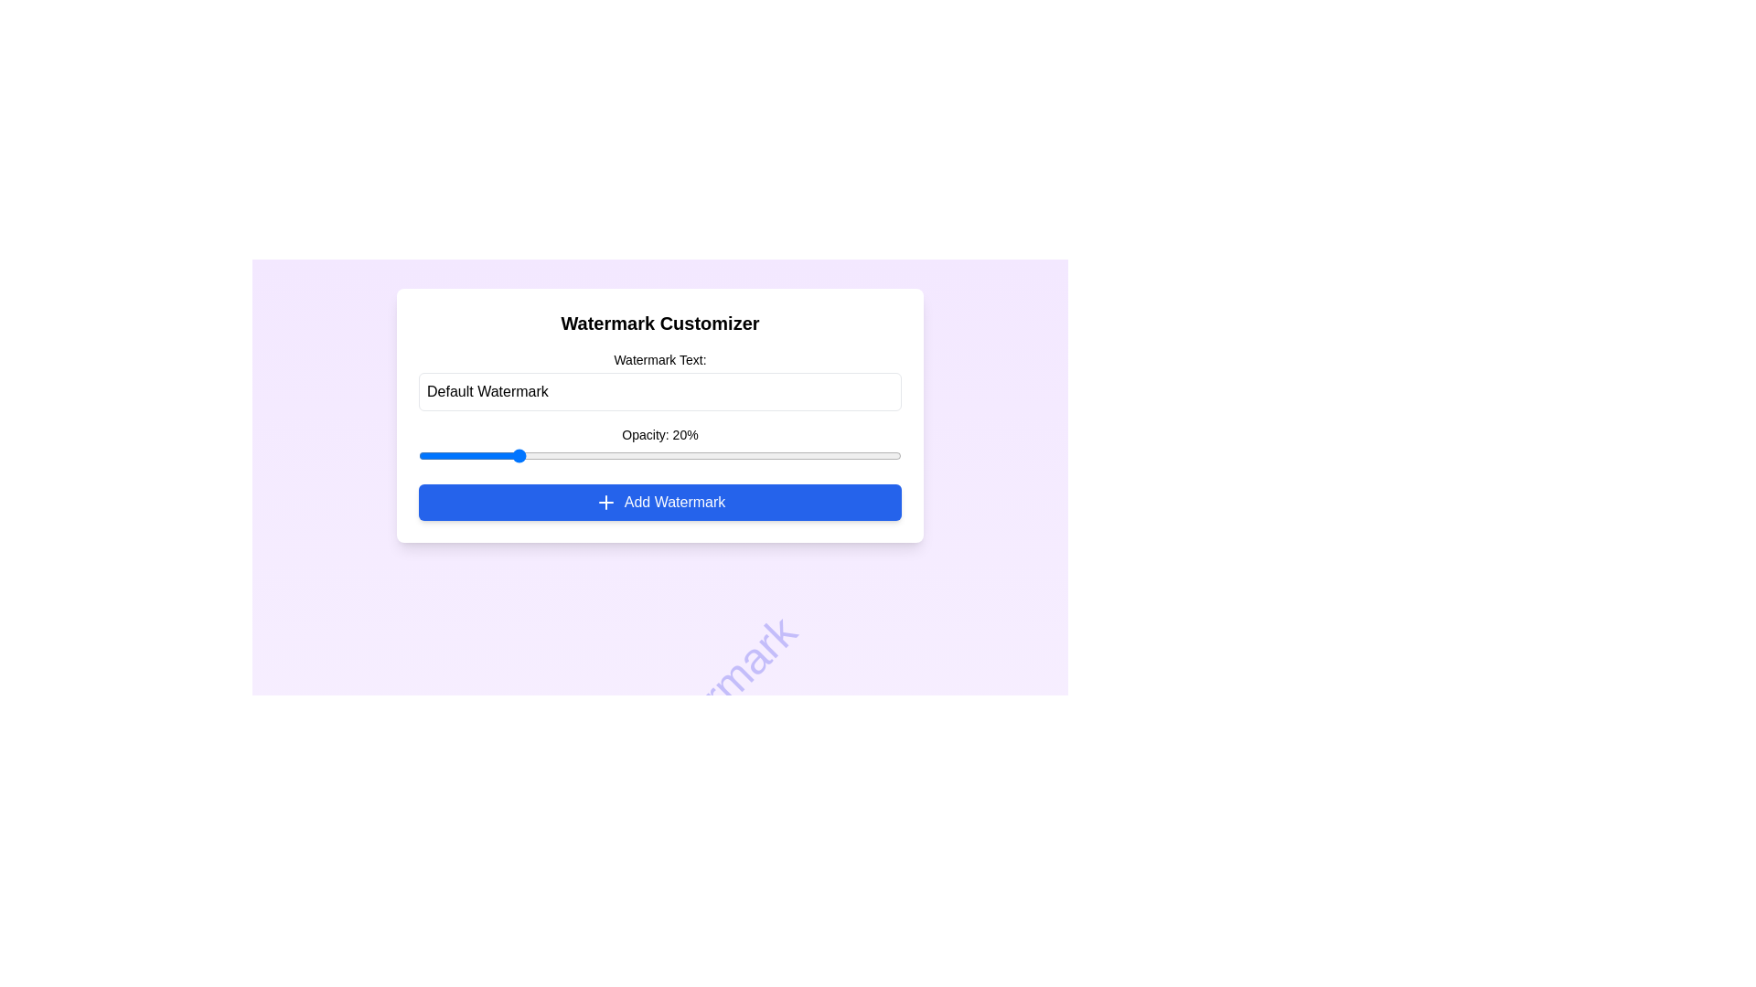 Image resolution: width=1756 pixels, height=987 pixels. Describe the element at coordinates (658, 454) in the screenshot. I see `the horizontal range slider with a blue thumb and gray track, located beneath the 'Opacity: 20%' label` at that location.